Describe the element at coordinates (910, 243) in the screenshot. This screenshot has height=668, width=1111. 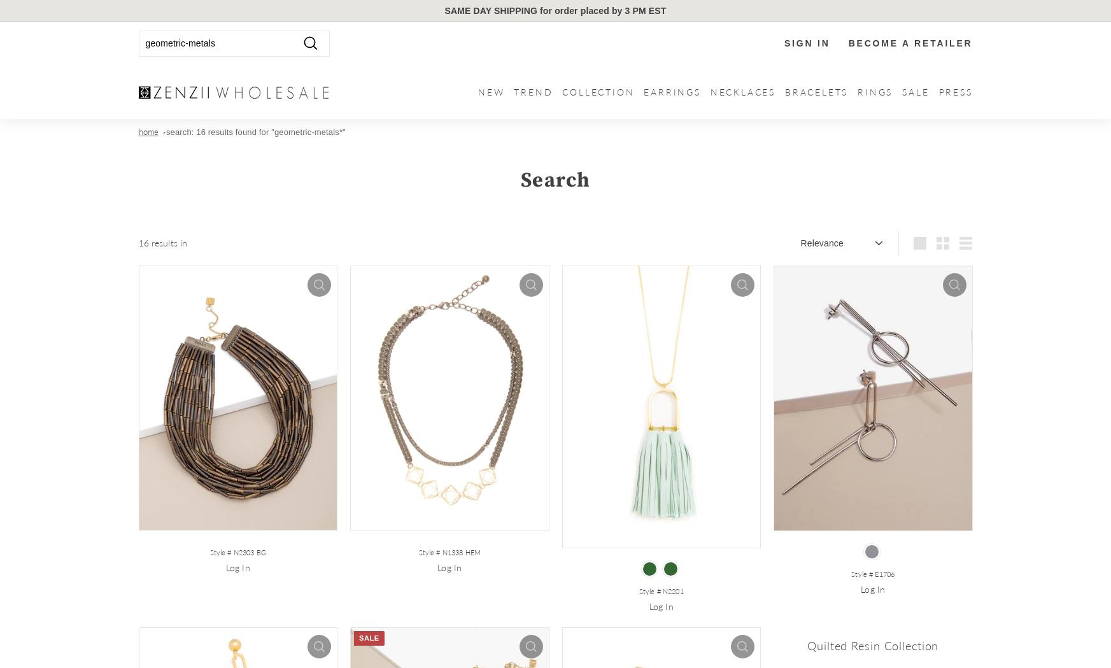
I see `'Last Chance'` at that location.